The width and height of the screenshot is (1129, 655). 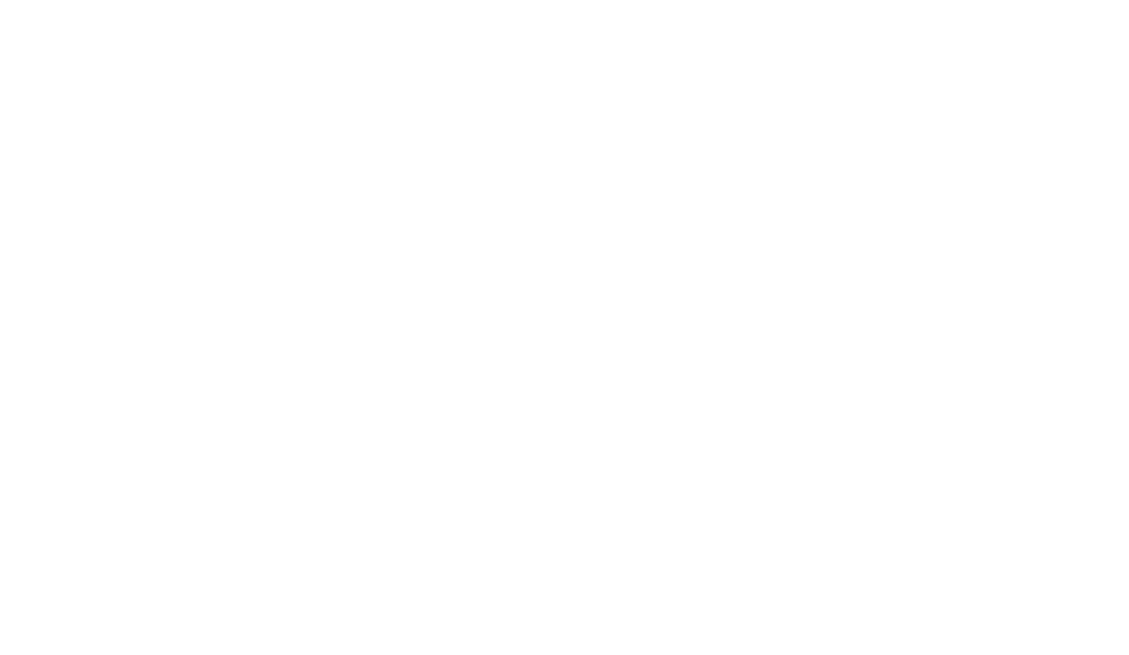 I want to click on 'Spotted par Pedro Neto', so click(x=856, y=59).